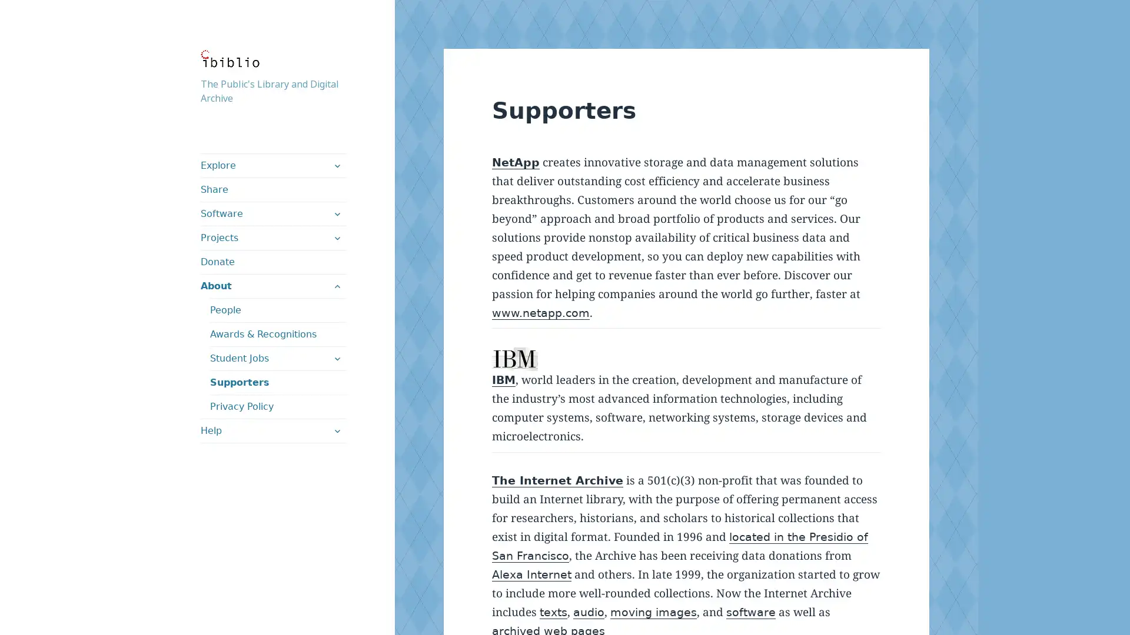 This screenshot has width=1130, height=635. What do you see at coordinates (335, 238) in the screenshot?
I see `expand child menu` at bounding box center [335, 238].